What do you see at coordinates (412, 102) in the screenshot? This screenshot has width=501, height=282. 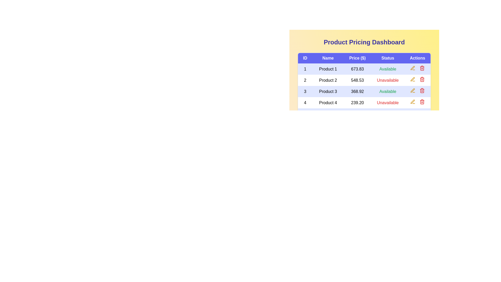 I see `the 'Edit' button for product 4` at bounding box center [412, 102].